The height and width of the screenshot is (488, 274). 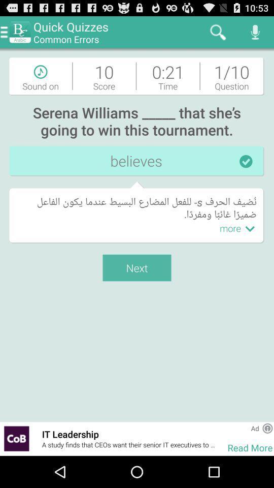 What do you see at coordinates (221, 438) in the screenshot?
I see `the icon below the more icon` at bounding box center [221, 438].